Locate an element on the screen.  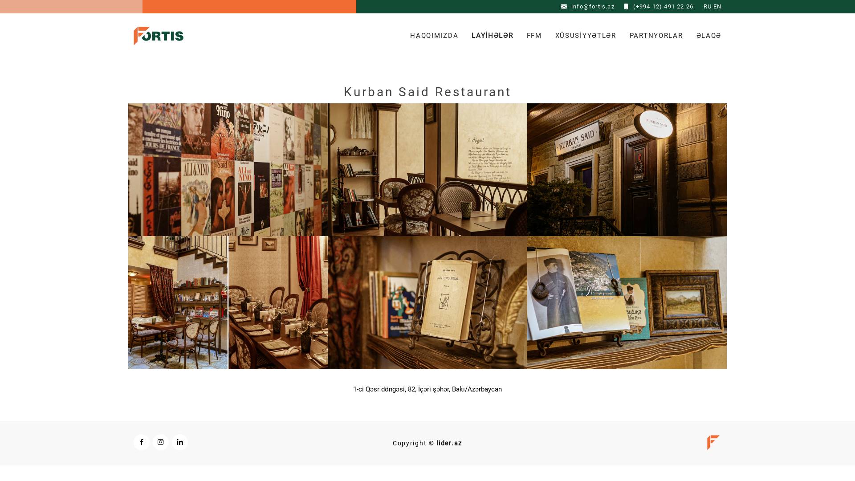
'lider.az' is located at coordinates (449, 443).